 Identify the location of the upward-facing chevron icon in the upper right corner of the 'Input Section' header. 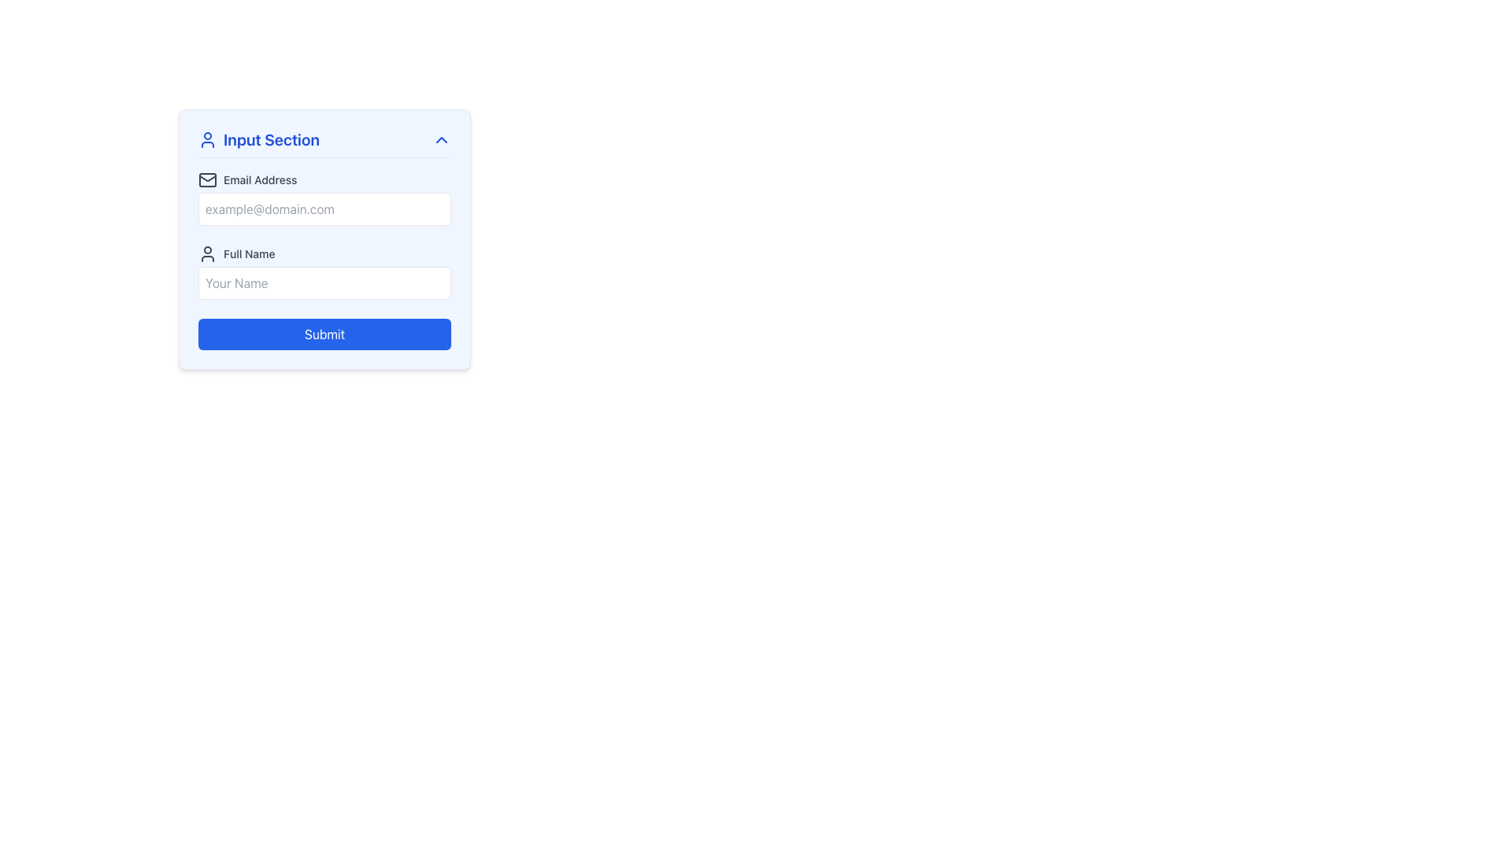
(441, 139).